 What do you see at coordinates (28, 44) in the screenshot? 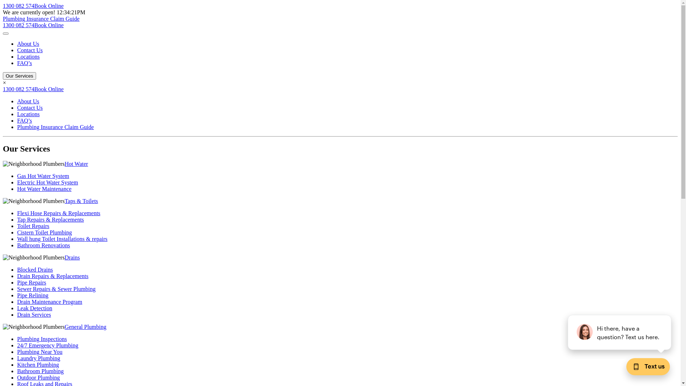
I see `'About Us'` at bounding box center [28, 44].